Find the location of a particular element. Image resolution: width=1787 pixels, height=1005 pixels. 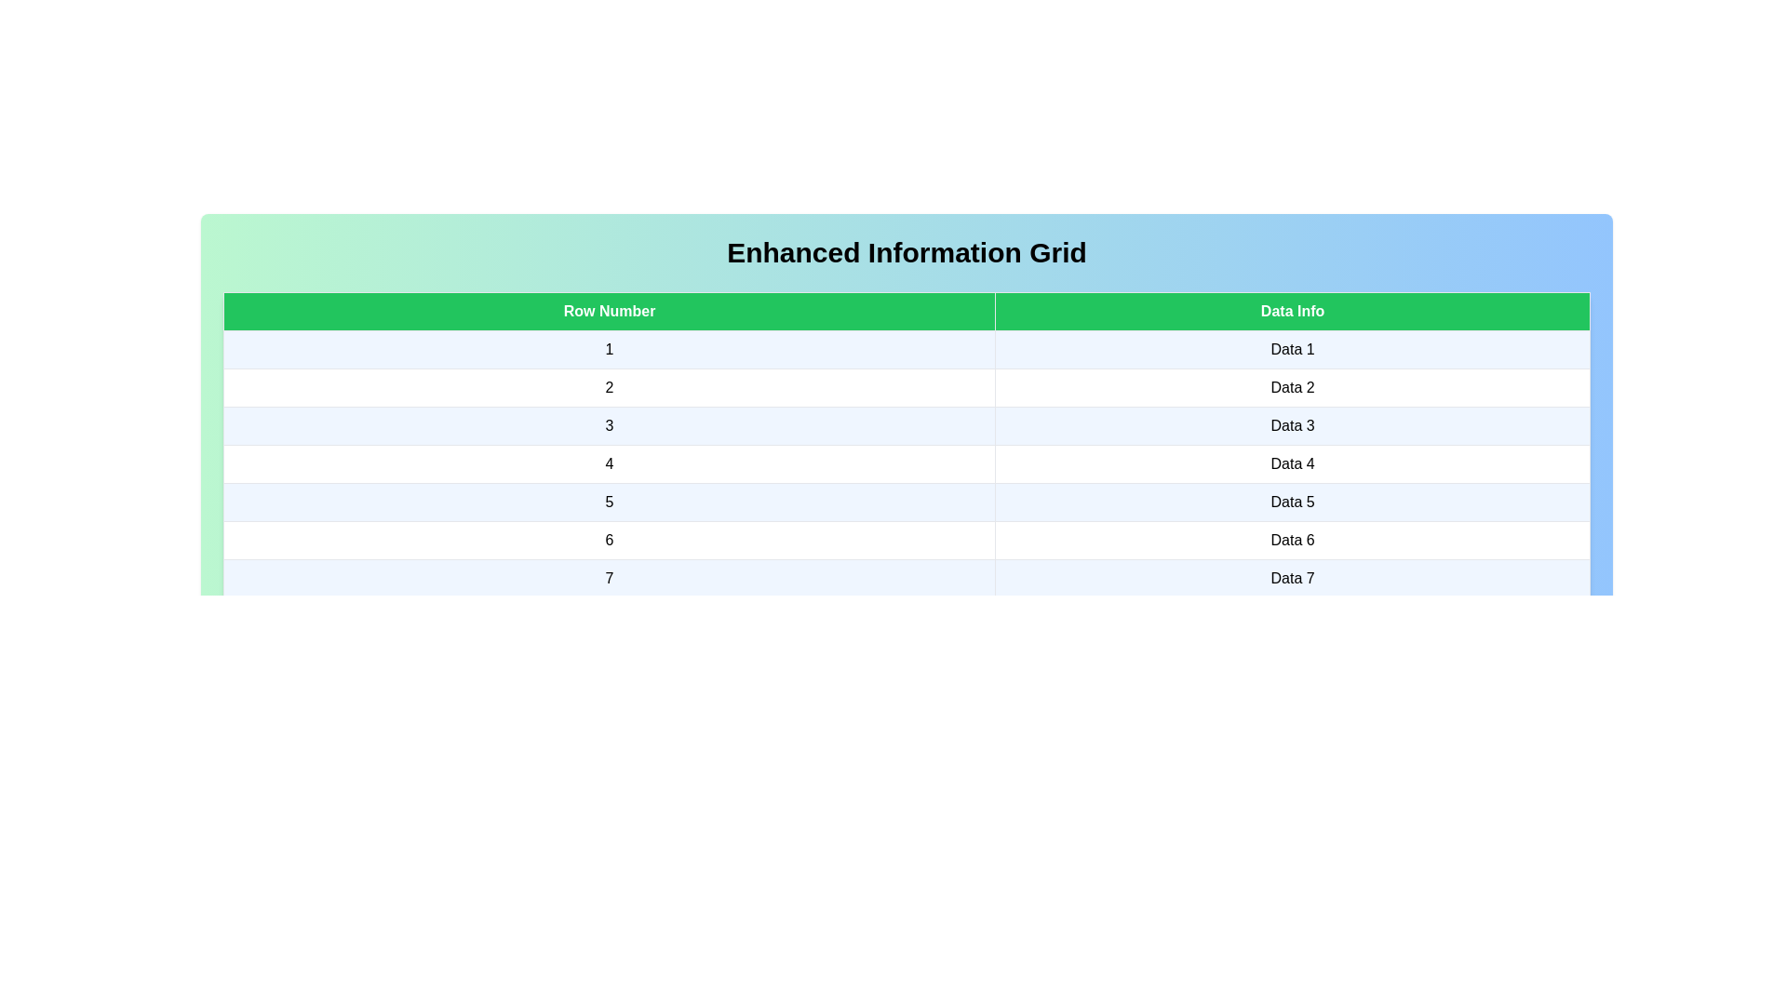

the cell containing the text Data 5 is located at coordinates (1292, 502).